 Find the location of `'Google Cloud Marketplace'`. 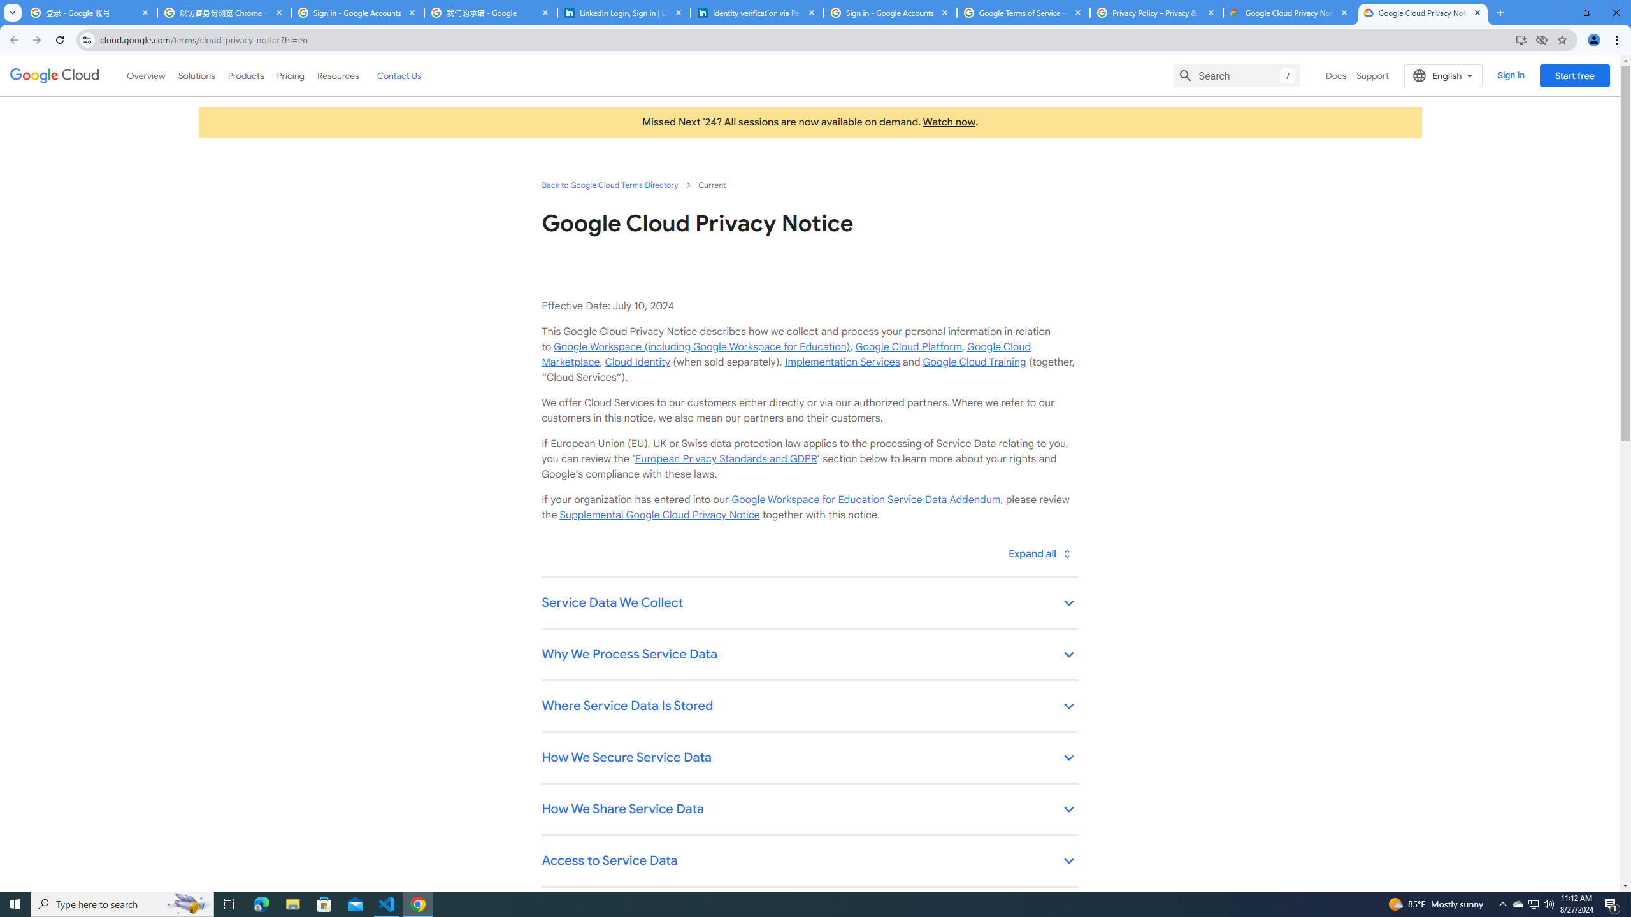

'Google Cloud Marketplace' is located at coordinates (785, 354).